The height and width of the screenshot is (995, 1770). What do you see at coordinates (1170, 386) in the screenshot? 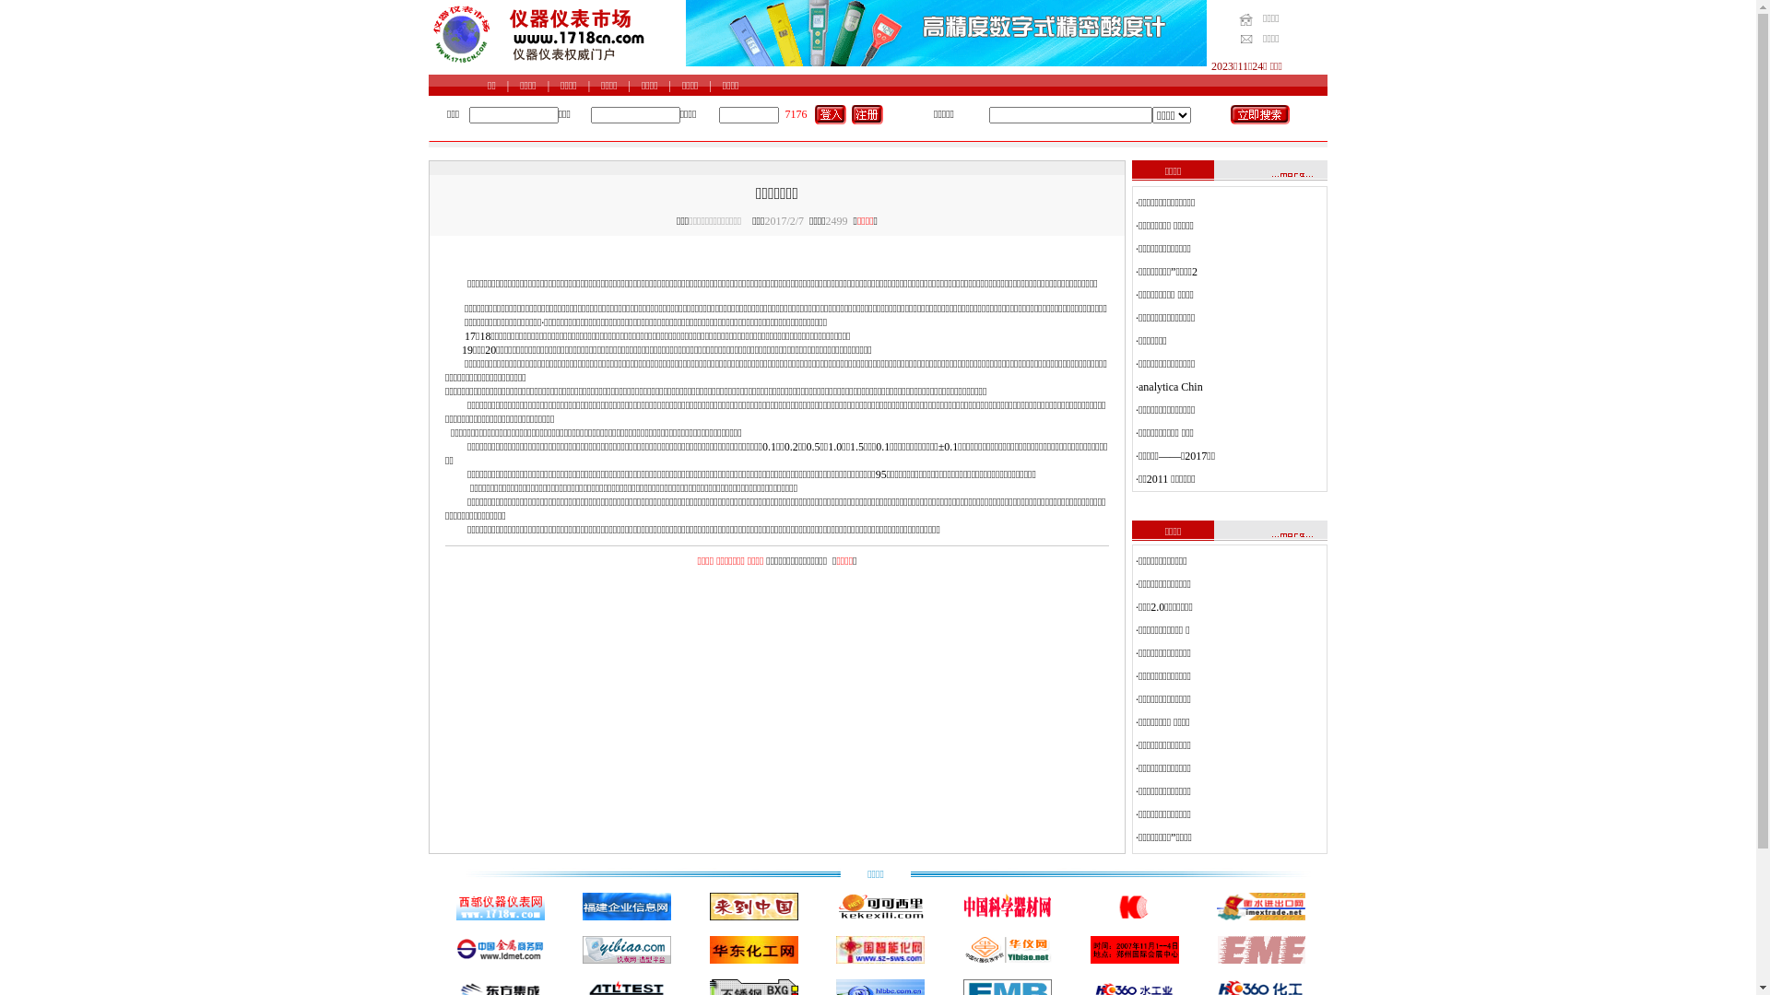
I see `'analytica Chin'` at bounding box center [1170, 386].